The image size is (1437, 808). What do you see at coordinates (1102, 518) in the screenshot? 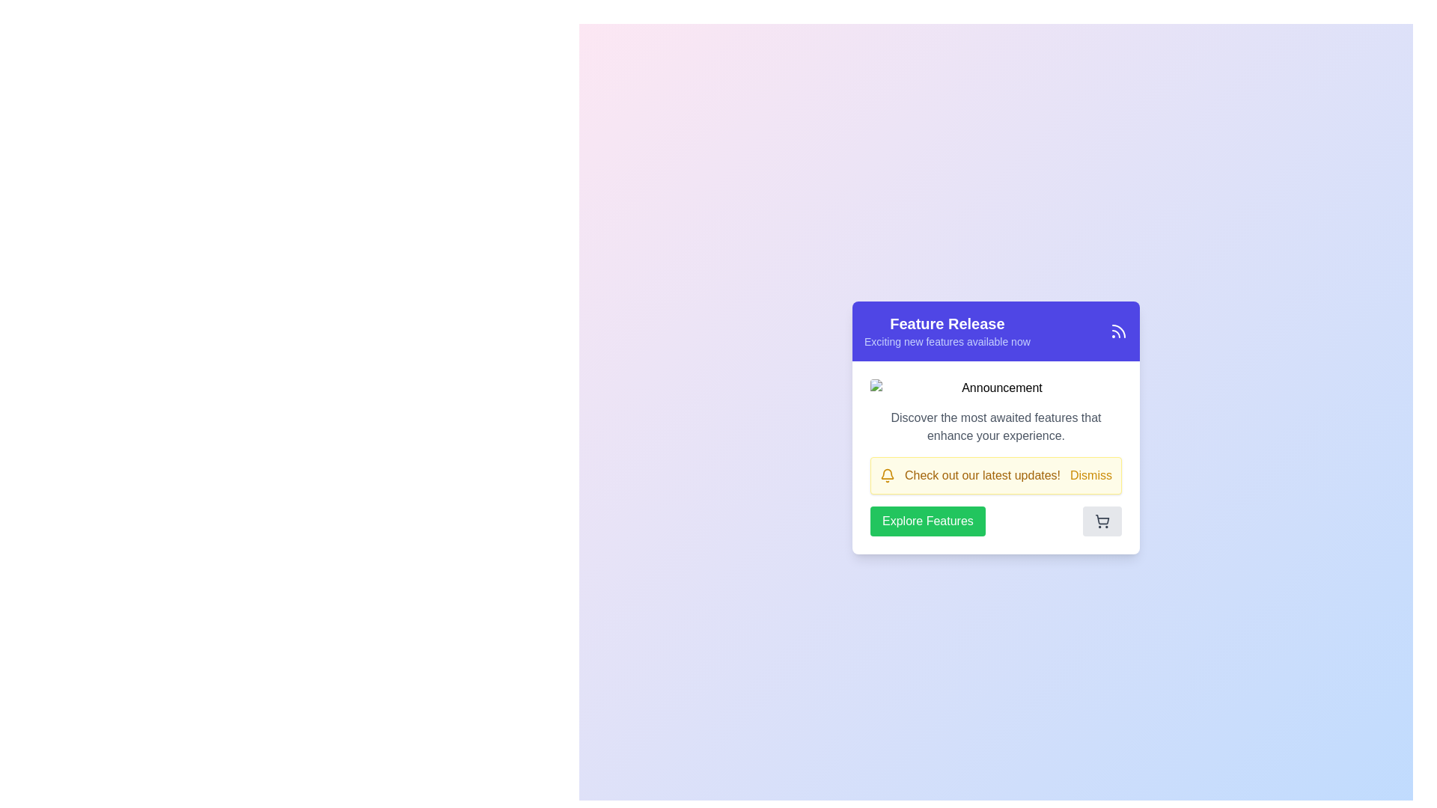
I see `the shopping cart icon, which is a clean, linear design located at the bottom-right side of the feature release panel` at bounding box center [1102, 518].